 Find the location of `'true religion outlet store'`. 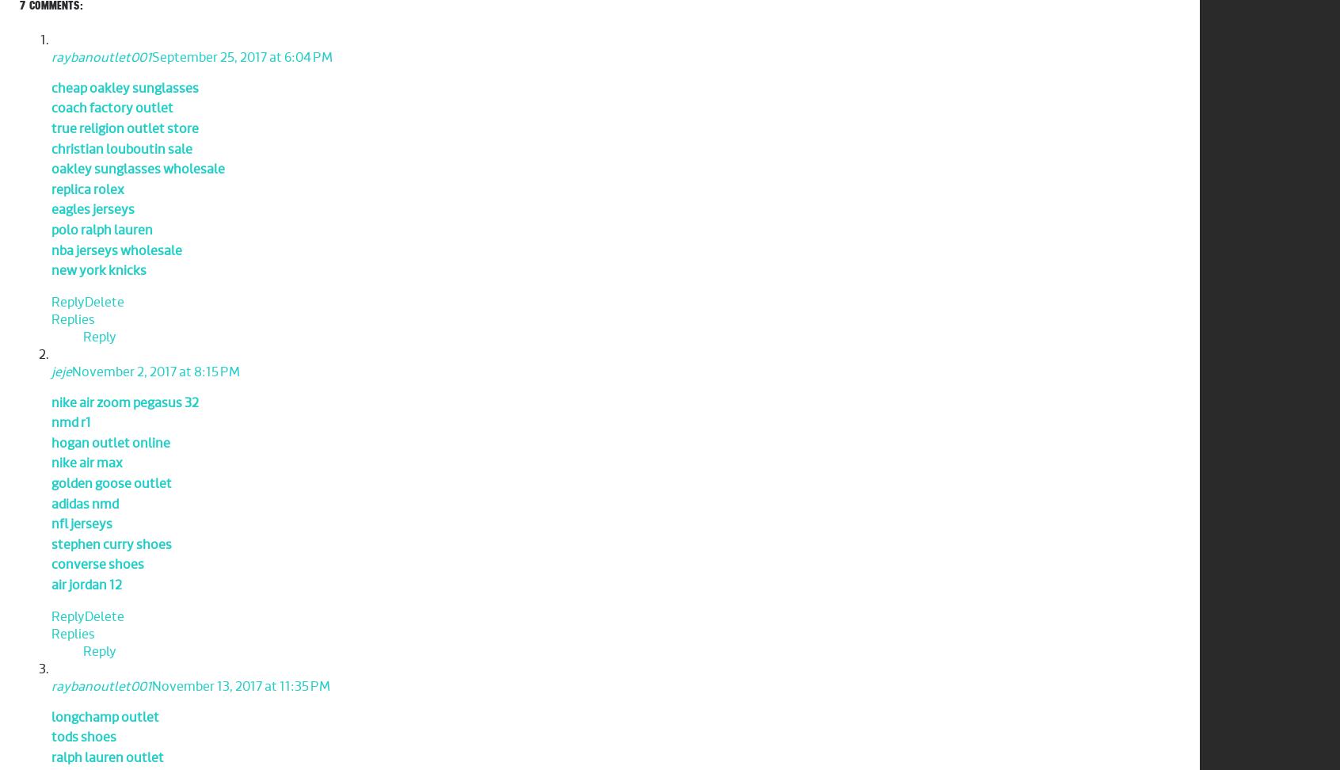

'true religion outlet store' is located at coordinates (124, 128).